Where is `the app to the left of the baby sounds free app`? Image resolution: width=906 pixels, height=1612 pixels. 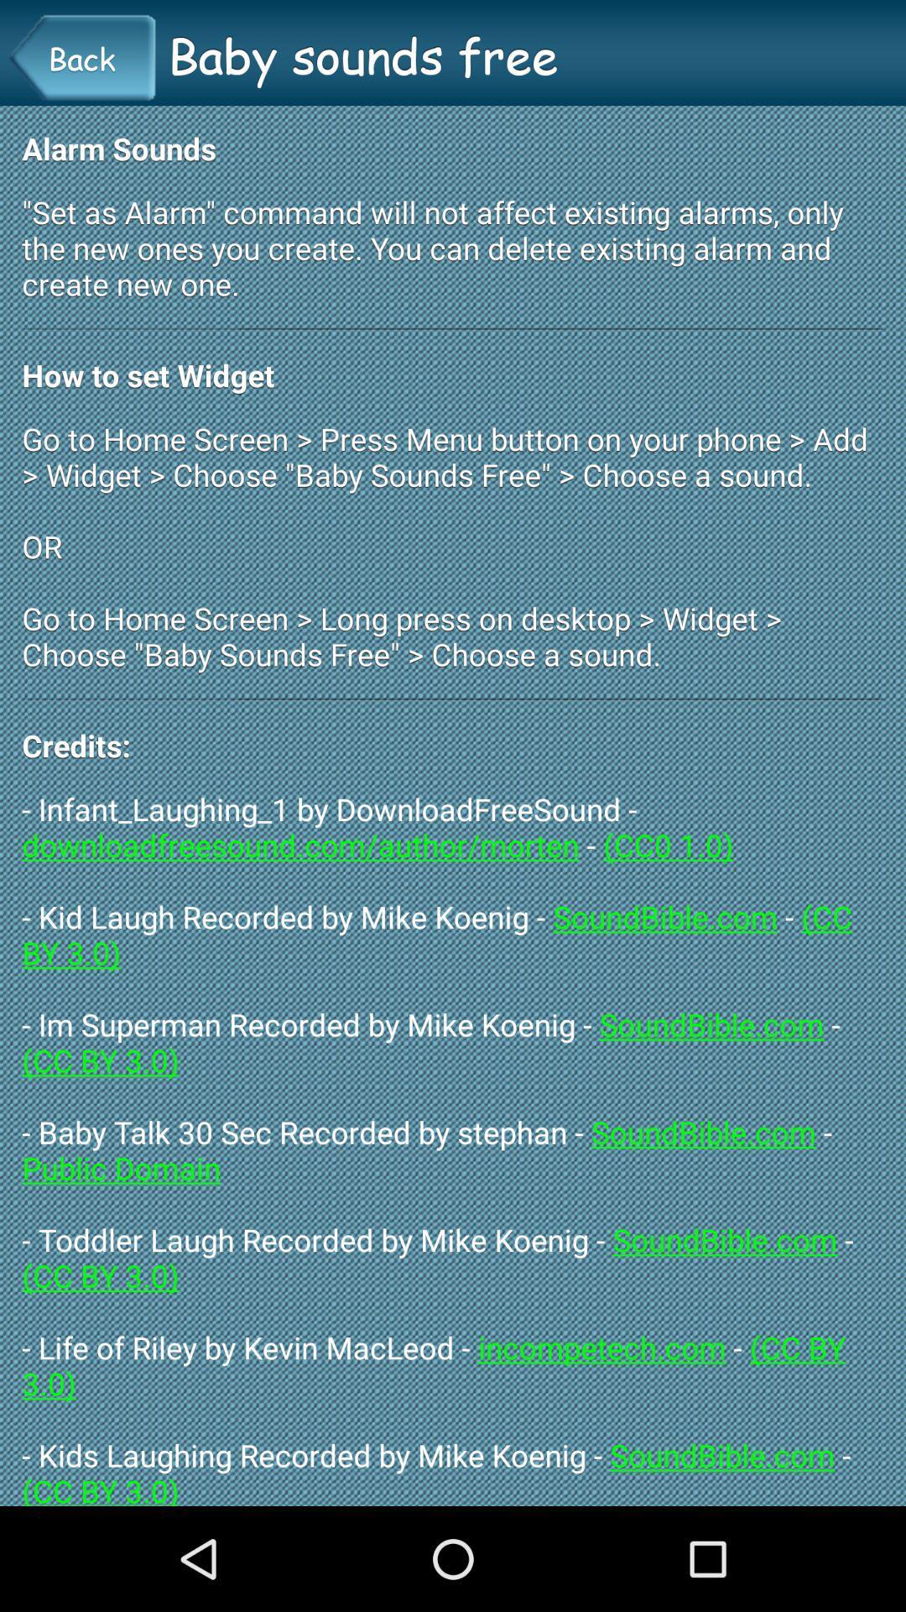 the app to the left of the baby sounds free app is located at coordinates (81, 58).